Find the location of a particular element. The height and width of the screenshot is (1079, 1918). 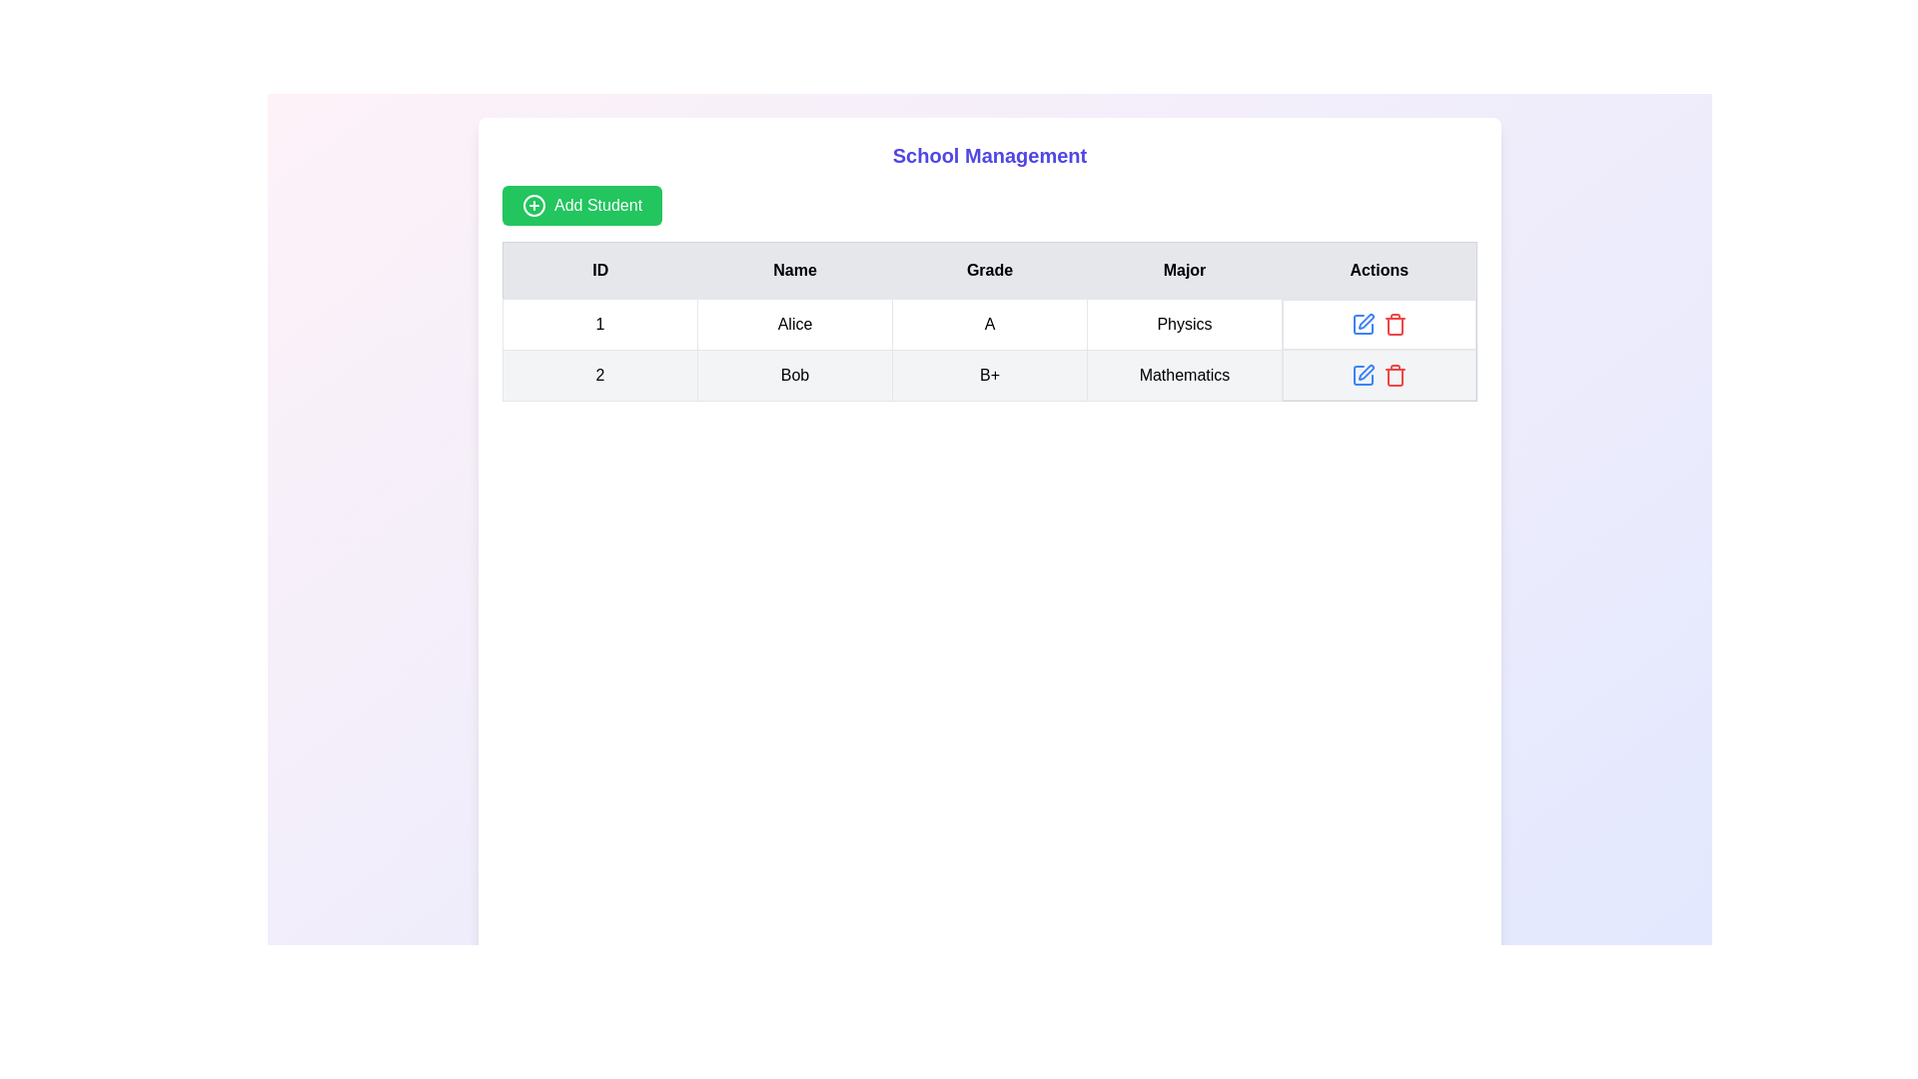

the second row of the table that contains detailed information about an entity or record, positioned directly below the header row and the row for 'Alice' with ID '1' is located at coordinates (989, 374).